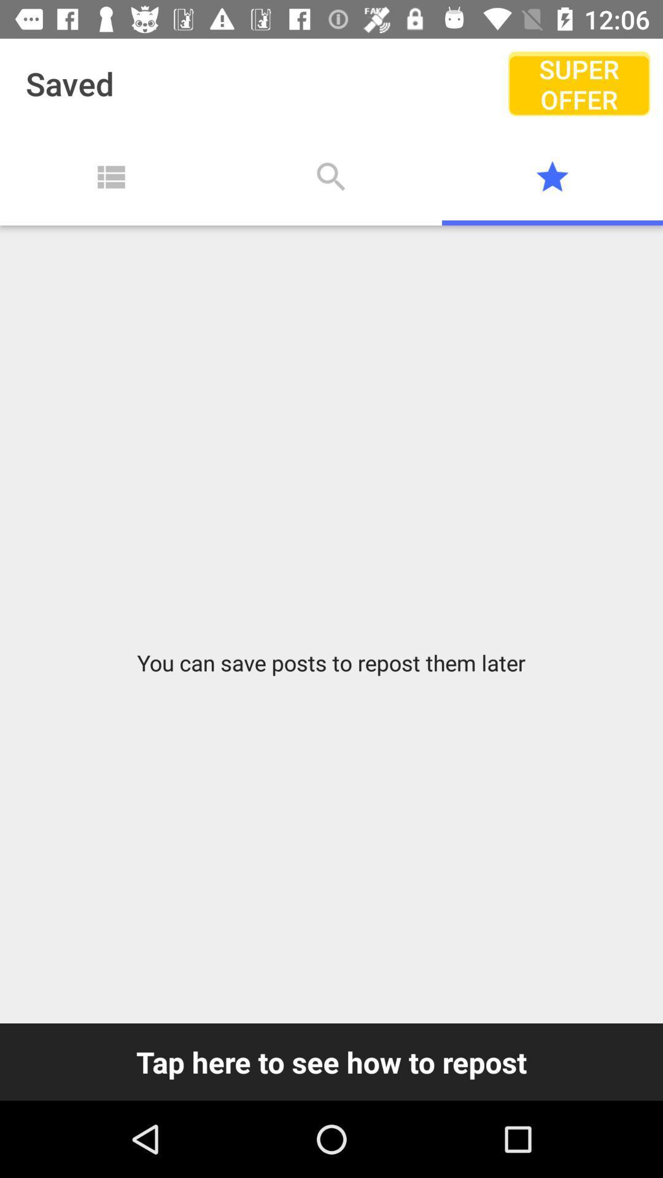  Describe the element at coordinates (579, 83) in the screenshot. I see `the icon to the right of saved` at that location.